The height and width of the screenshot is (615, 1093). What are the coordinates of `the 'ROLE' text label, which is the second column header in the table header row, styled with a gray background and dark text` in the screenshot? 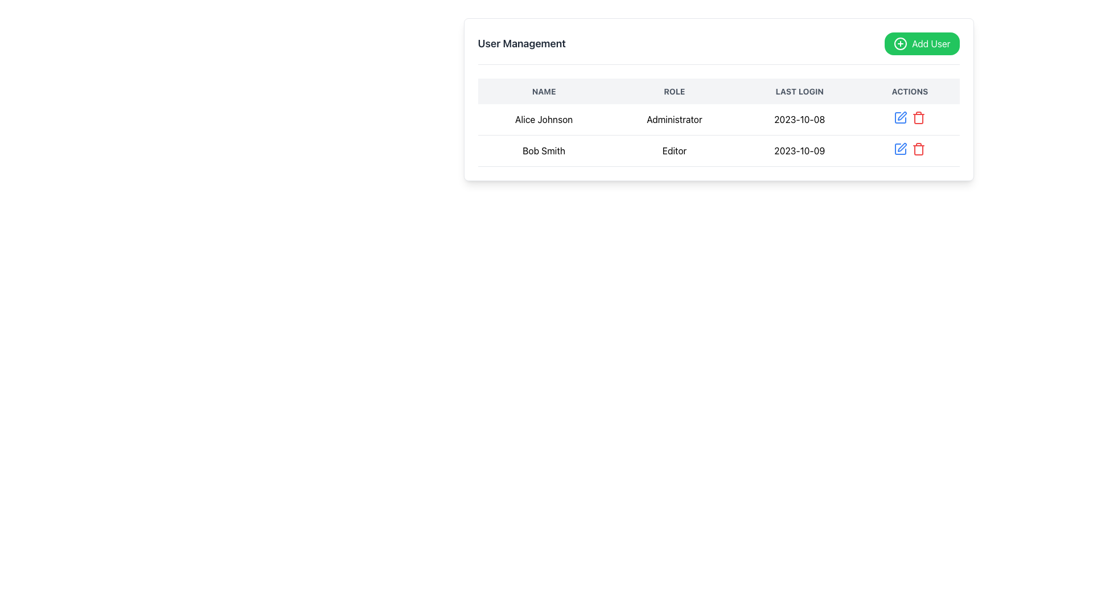 It's located at (674, 91).